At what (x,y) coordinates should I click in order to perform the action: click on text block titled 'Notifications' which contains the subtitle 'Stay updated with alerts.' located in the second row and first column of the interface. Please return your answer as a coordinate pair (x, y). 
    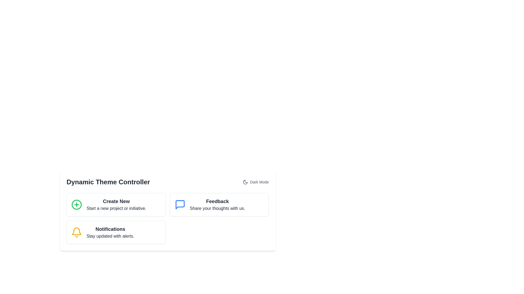
    Looking at the image, I should click on (110, 232).